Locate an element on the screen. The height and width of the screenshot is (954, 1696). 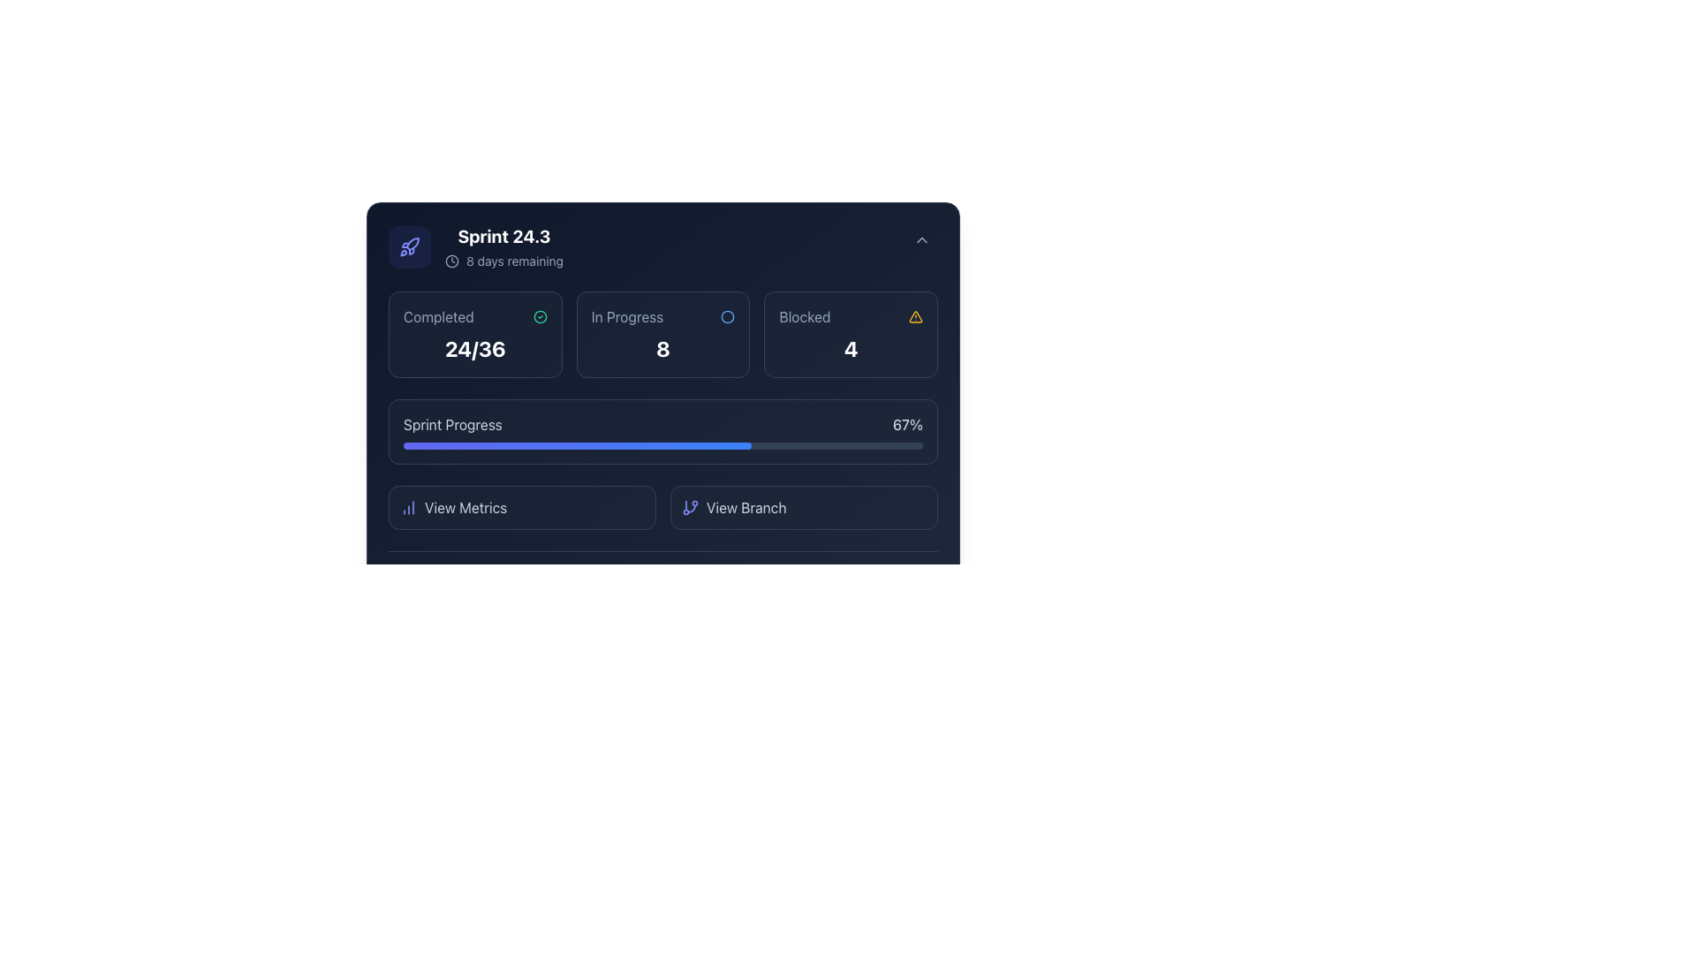
the decorative circular SVG element indicating completion status, located adjacent to the text 'Completed' is located at coordinates (539, 315).